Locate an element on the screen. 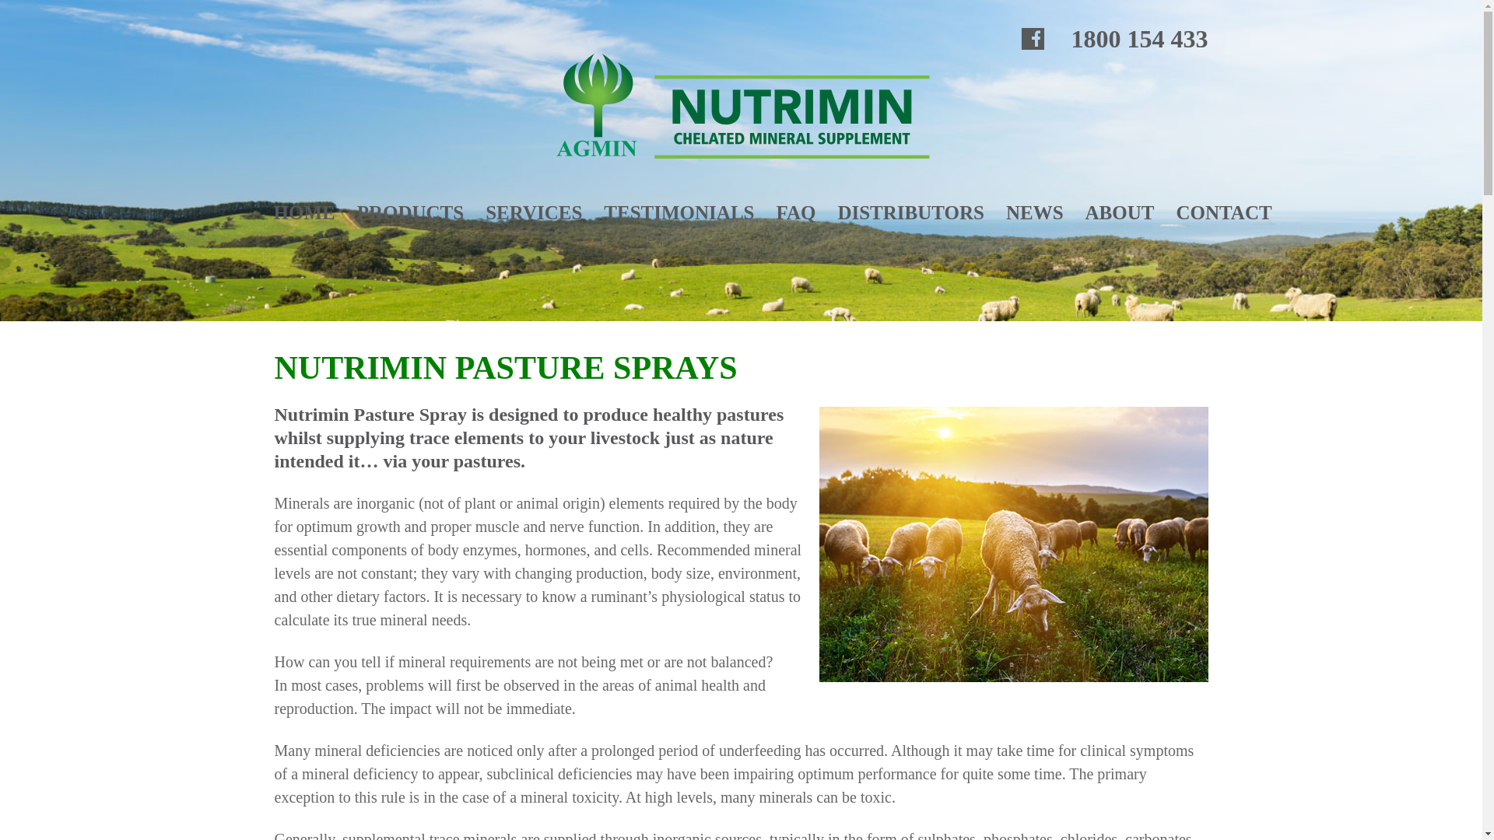 This screenshot has height=840, width=1494. 'DISTRIBUTORS' is located at coordinates (910, 212).